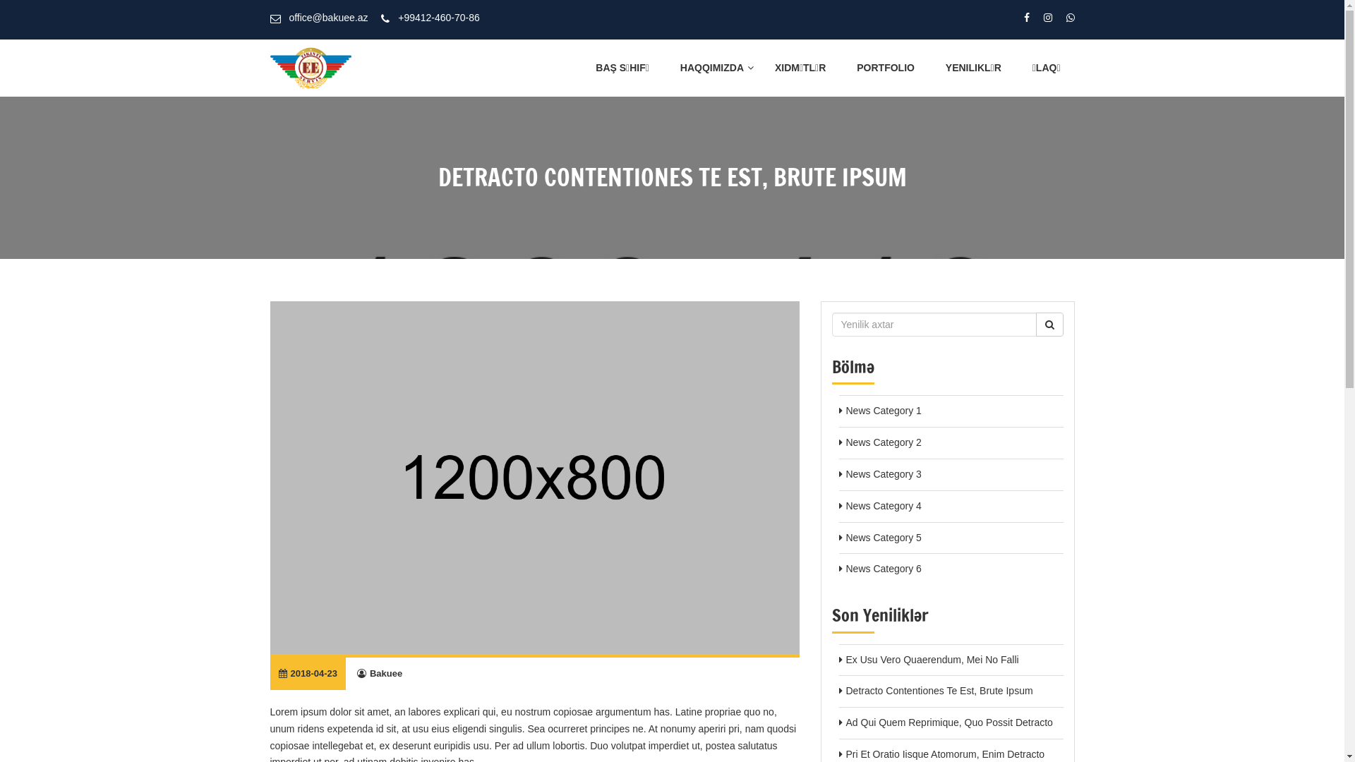 This screenshot has height=762, width=1355. I want to click on 'Detracto Contentiones Te Est, Brute Ipsum', so click(939, 690).